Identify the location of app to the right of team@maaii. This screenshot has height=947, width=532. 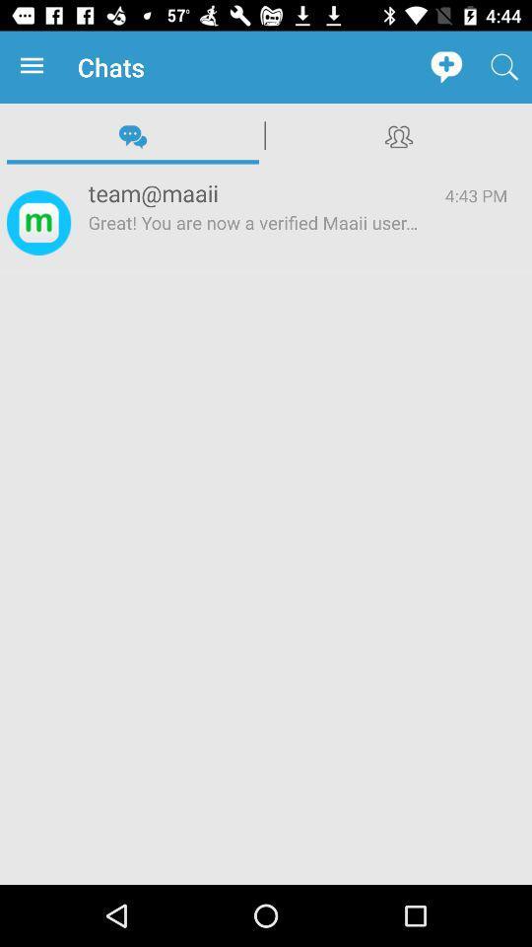
(475, 195).